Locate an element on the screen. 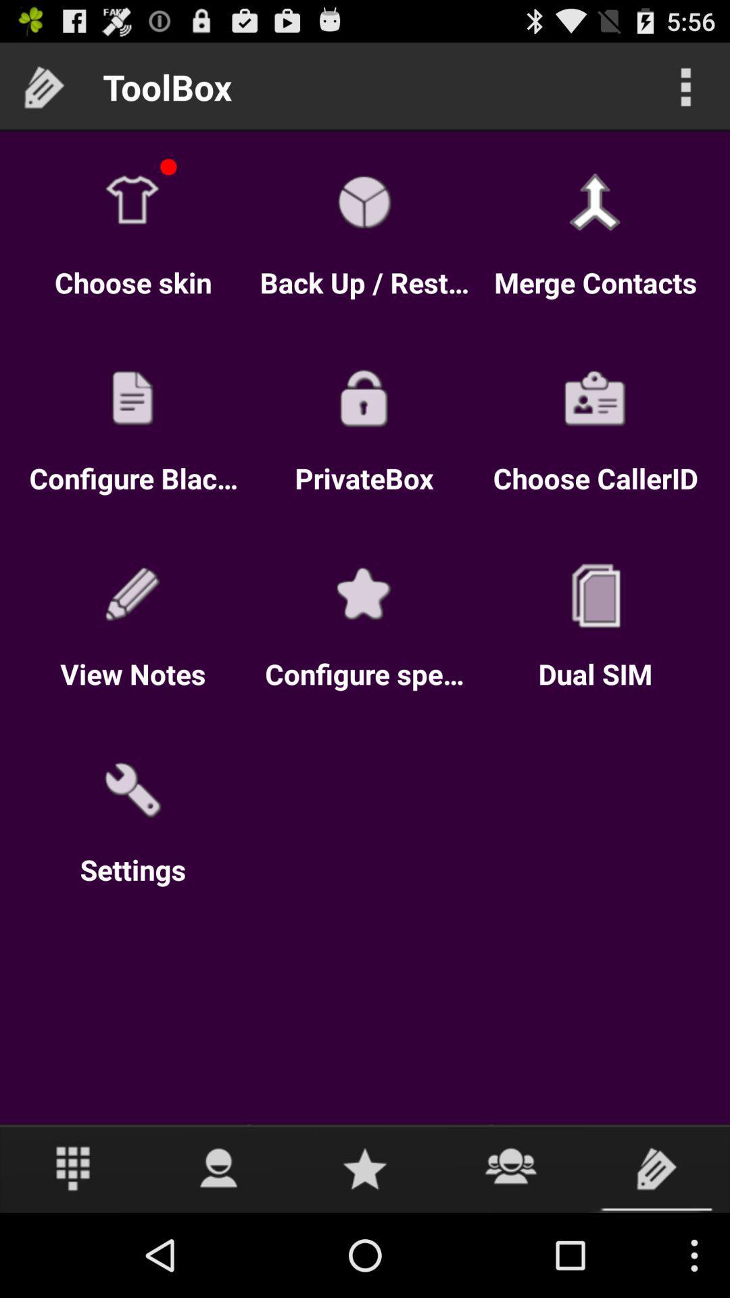 This screenshot has width=730, height=1298. the dialpad icon is located at coordinates (73, 1249).